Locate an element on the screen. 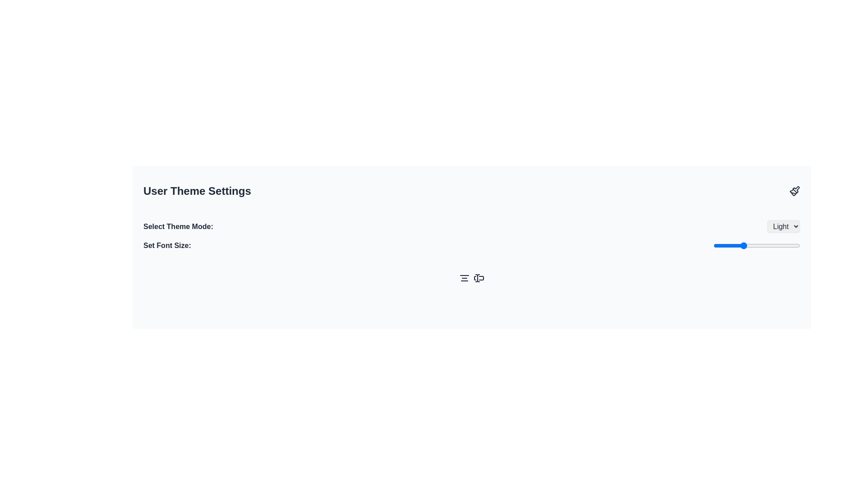 Image resolution: width=866 pixels, height=487 pixels. the descriptive Text label that informs users about the functionality of the associated theme selection control, located below 'User Theme Settings' and above the theme toggle options is located at coordinates (178, 226).